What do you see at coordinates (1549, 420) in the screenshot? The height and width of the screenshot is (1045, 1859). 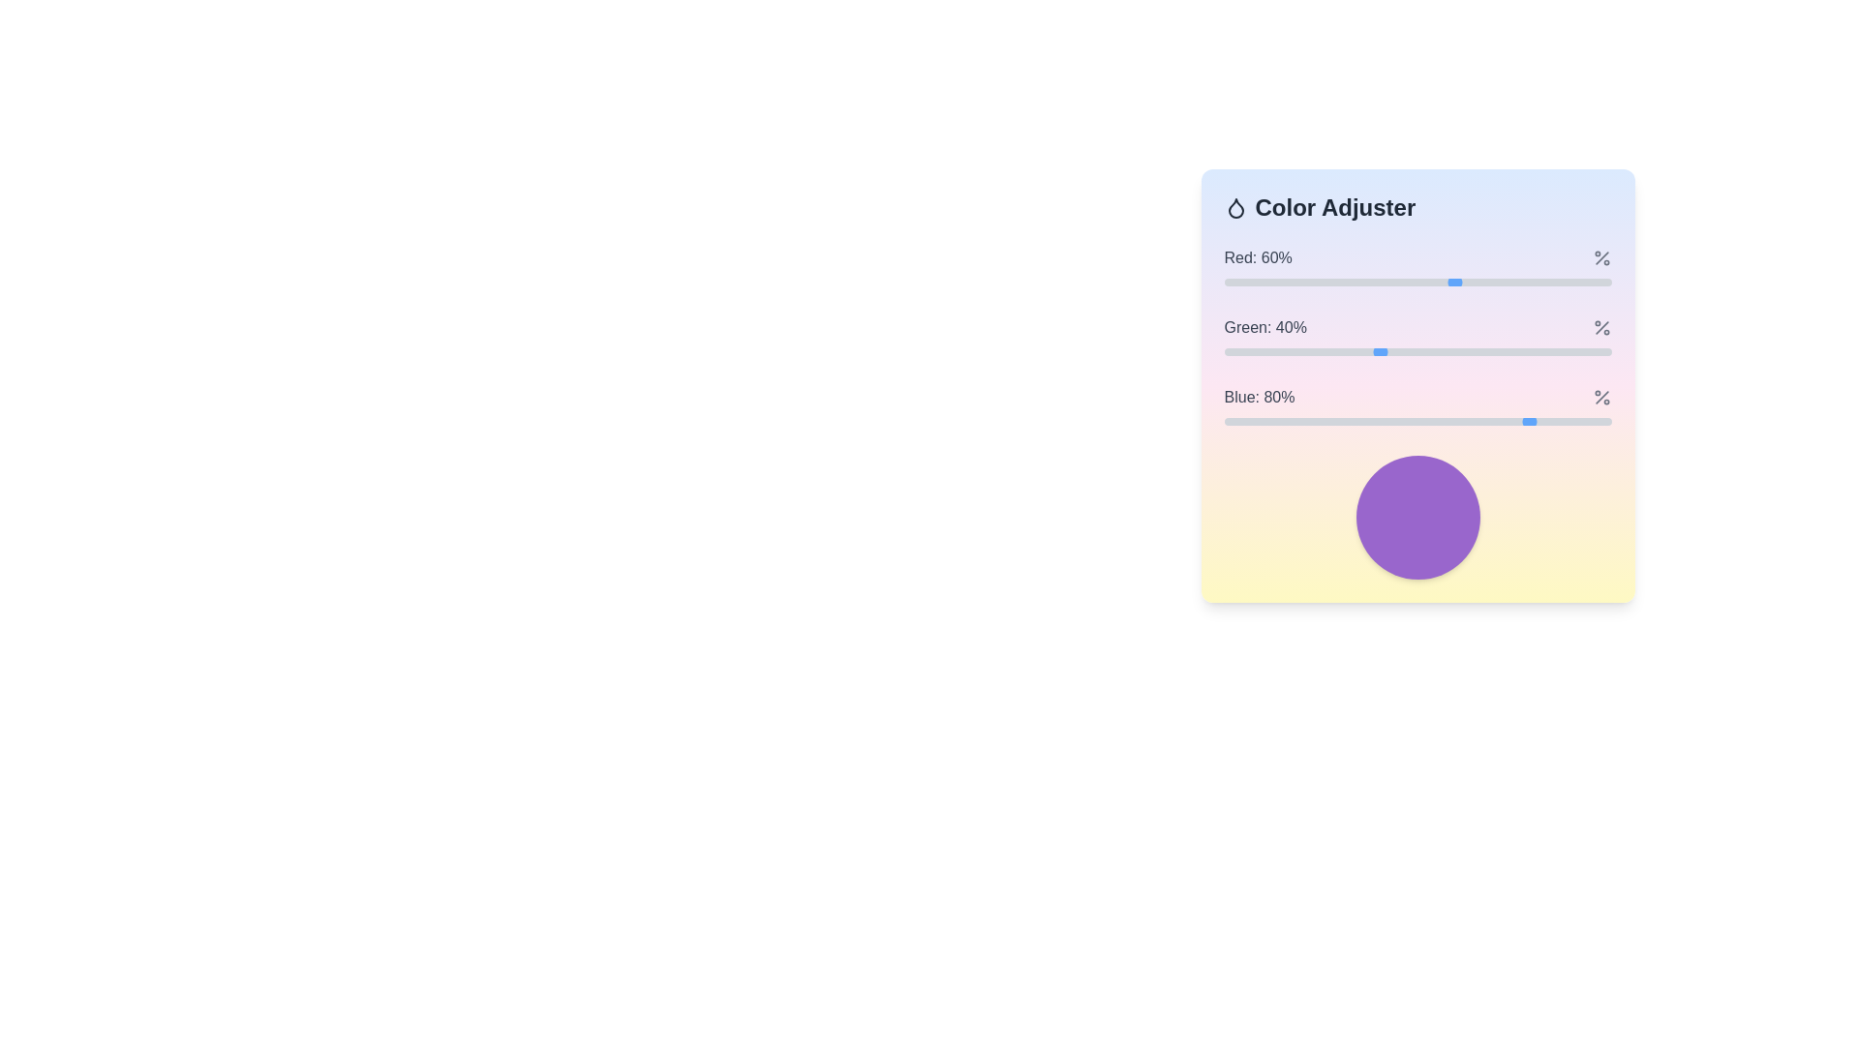 I see `the blue color slider to 84%` at bounding box center [1549, 420].